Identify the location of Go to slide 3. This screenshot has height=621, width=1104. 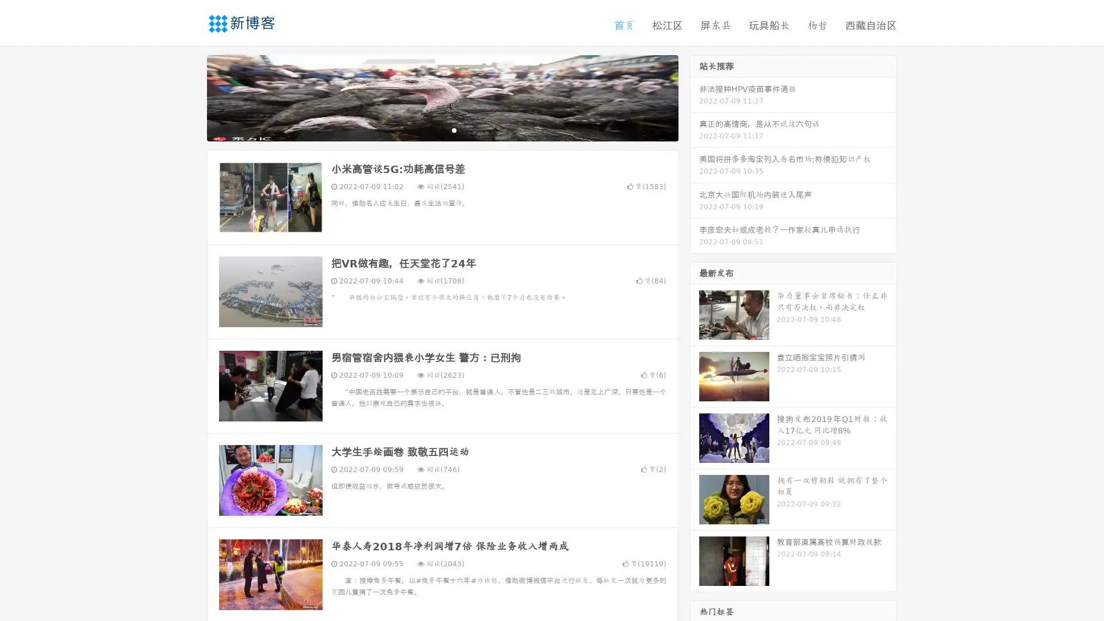
(454, 129).